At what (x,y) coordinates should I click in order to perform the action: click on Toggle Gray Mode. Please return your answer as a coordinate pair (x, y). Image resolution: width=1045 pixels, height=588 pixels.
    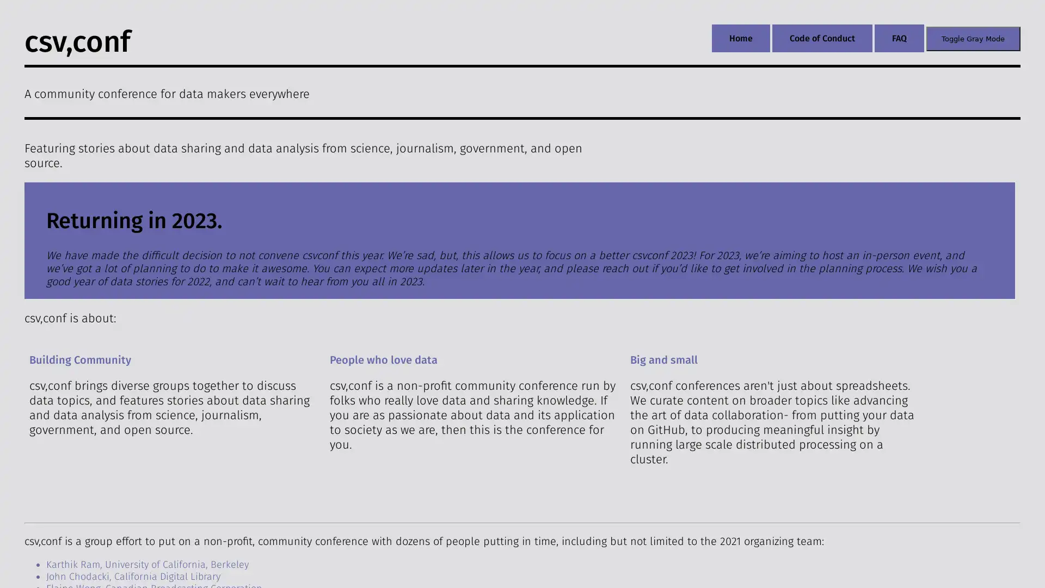
    Looking at the image, I should click on (973, 38).